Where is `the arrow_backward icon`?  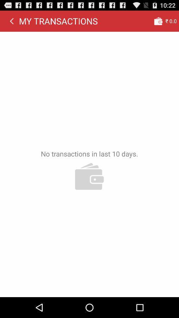 the arrow_backward icon is located at coordinates (12, 23).